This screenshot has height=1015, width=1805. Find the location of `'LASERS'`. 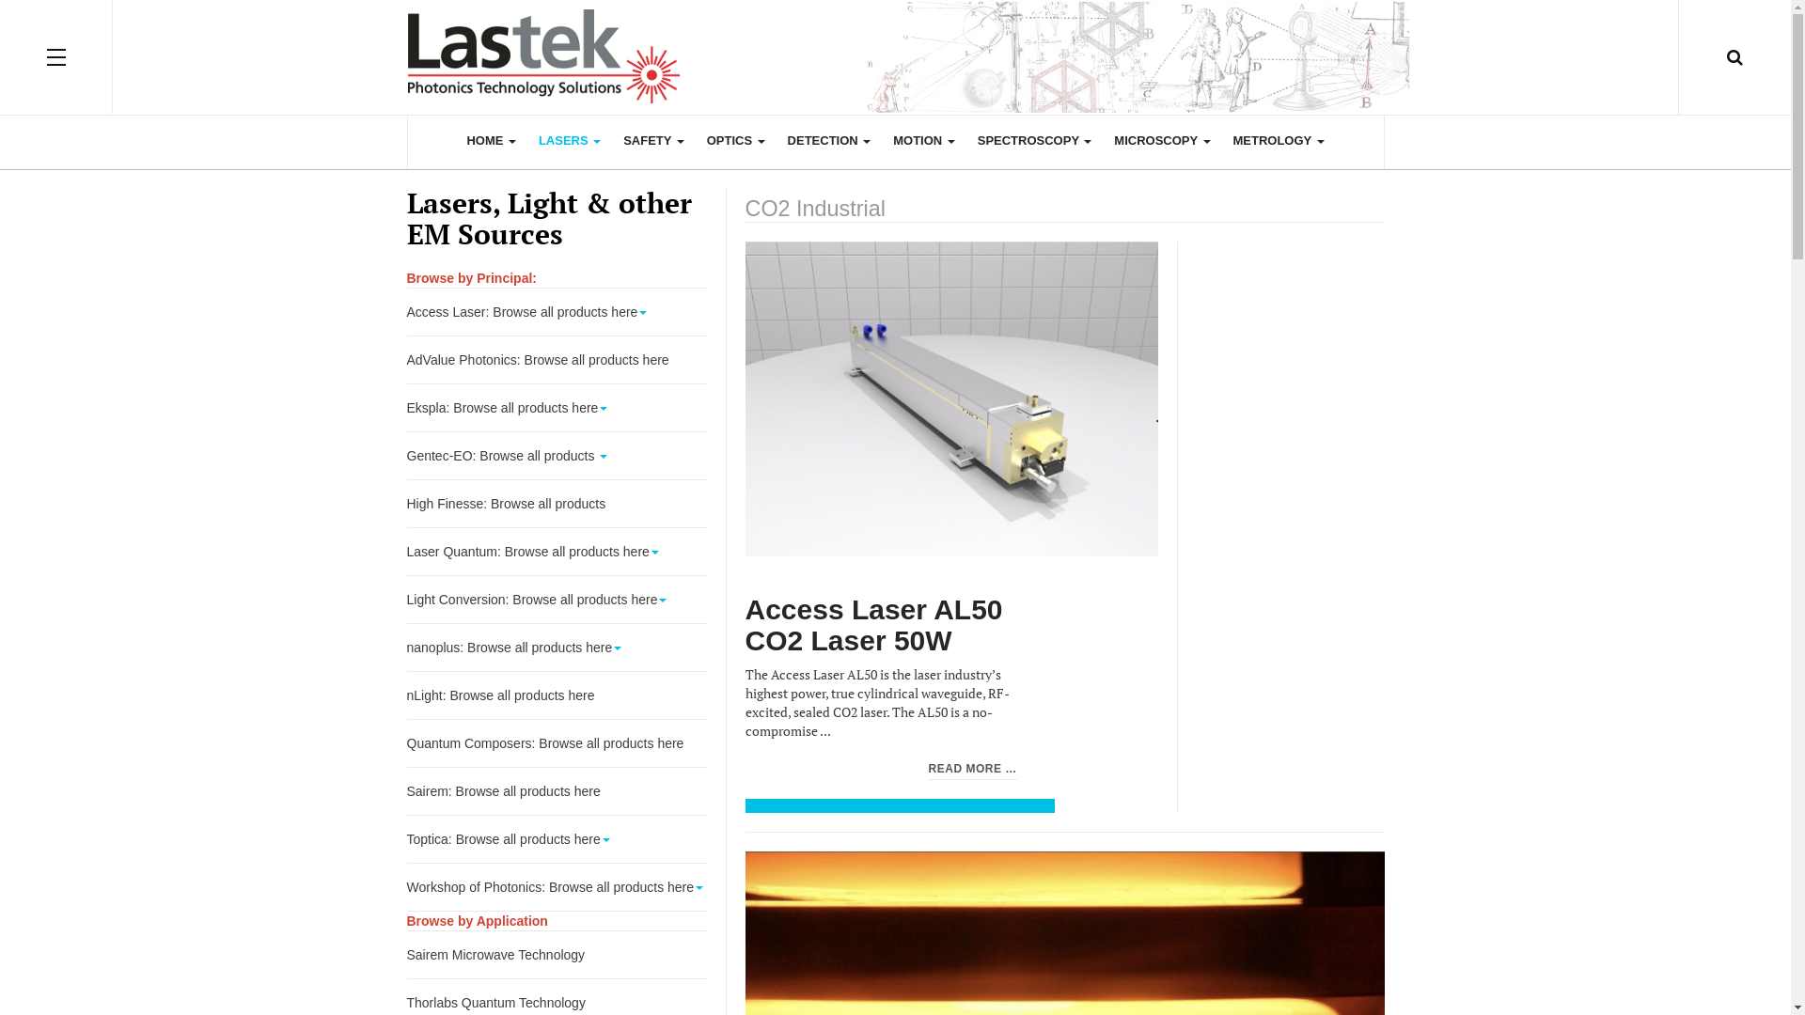

'LASERS' is located at coordinates (568, 140).